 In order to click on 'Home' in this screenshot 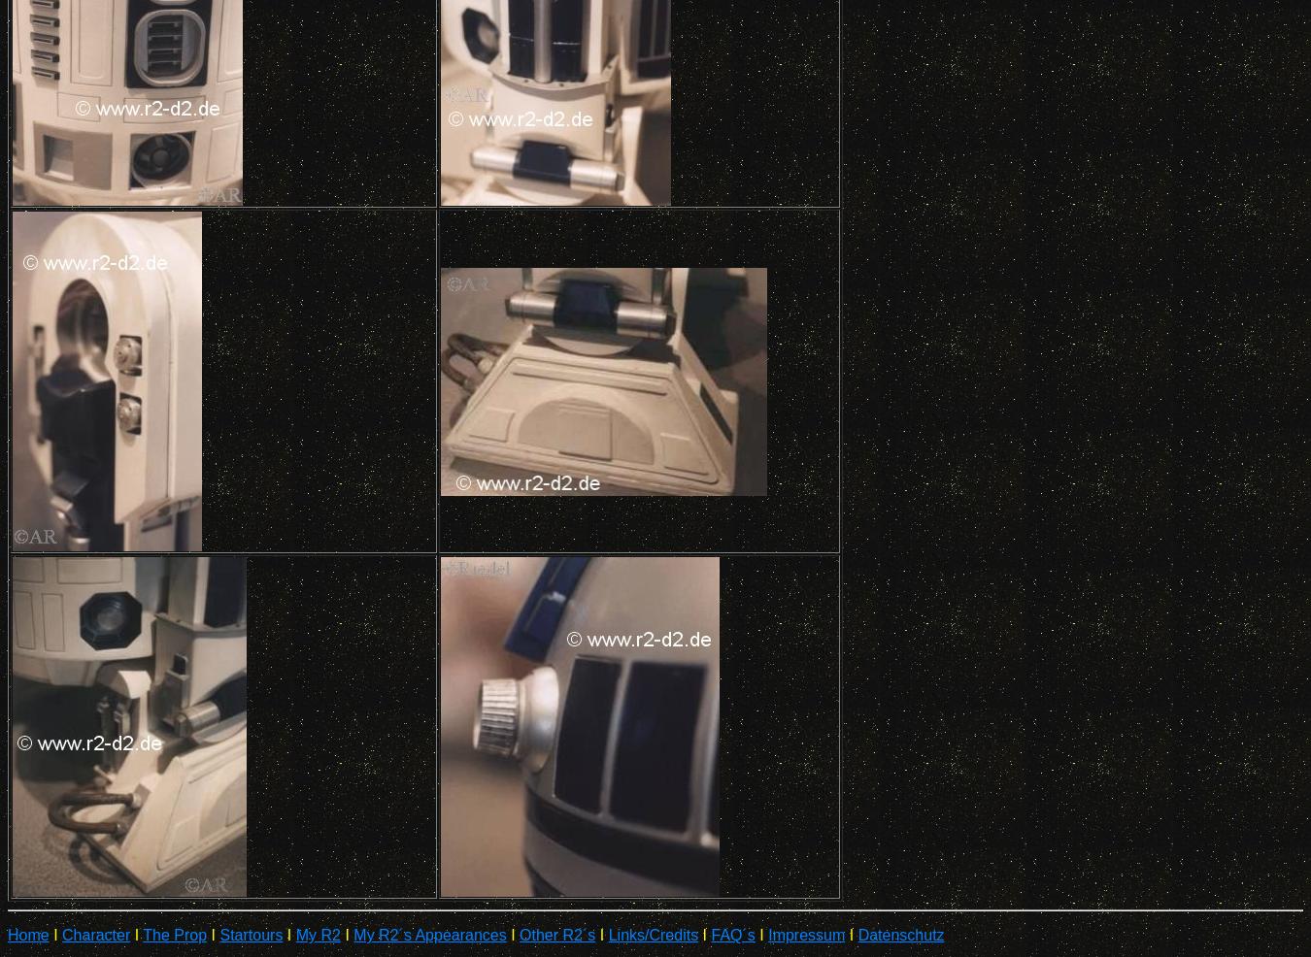, I will do `click(6, 935)`.